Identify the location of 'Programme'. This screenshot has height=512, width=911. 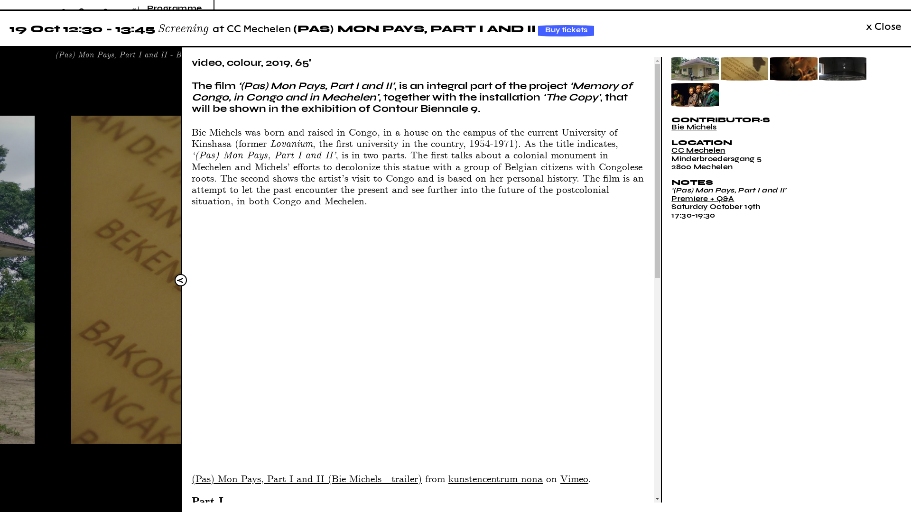
(147, 8).